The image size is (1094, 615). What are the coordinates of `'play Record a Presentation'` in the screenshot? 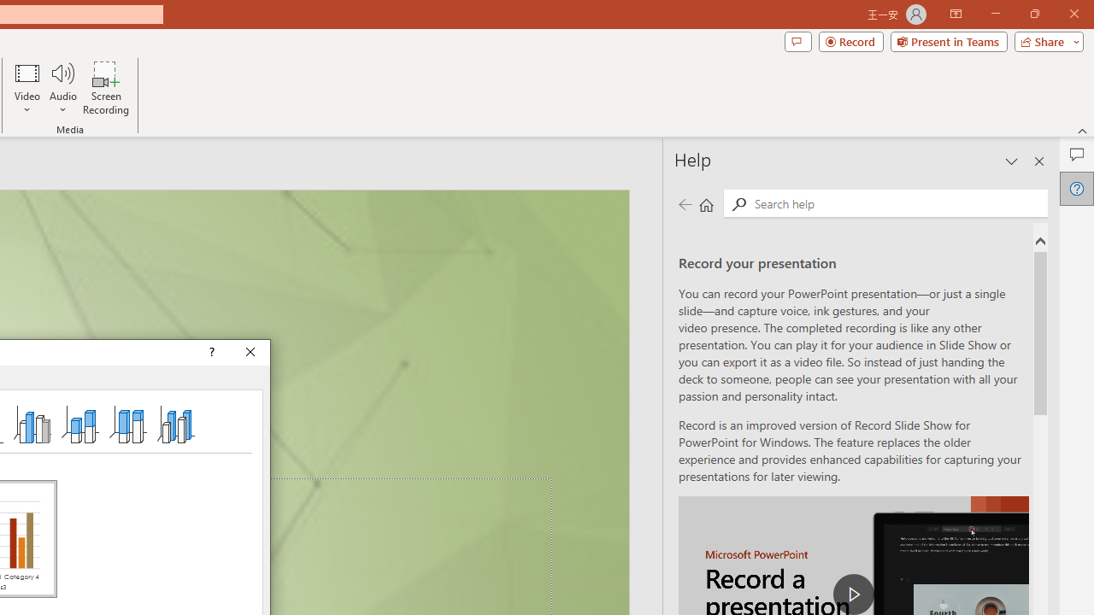 It's located at (854, 593).